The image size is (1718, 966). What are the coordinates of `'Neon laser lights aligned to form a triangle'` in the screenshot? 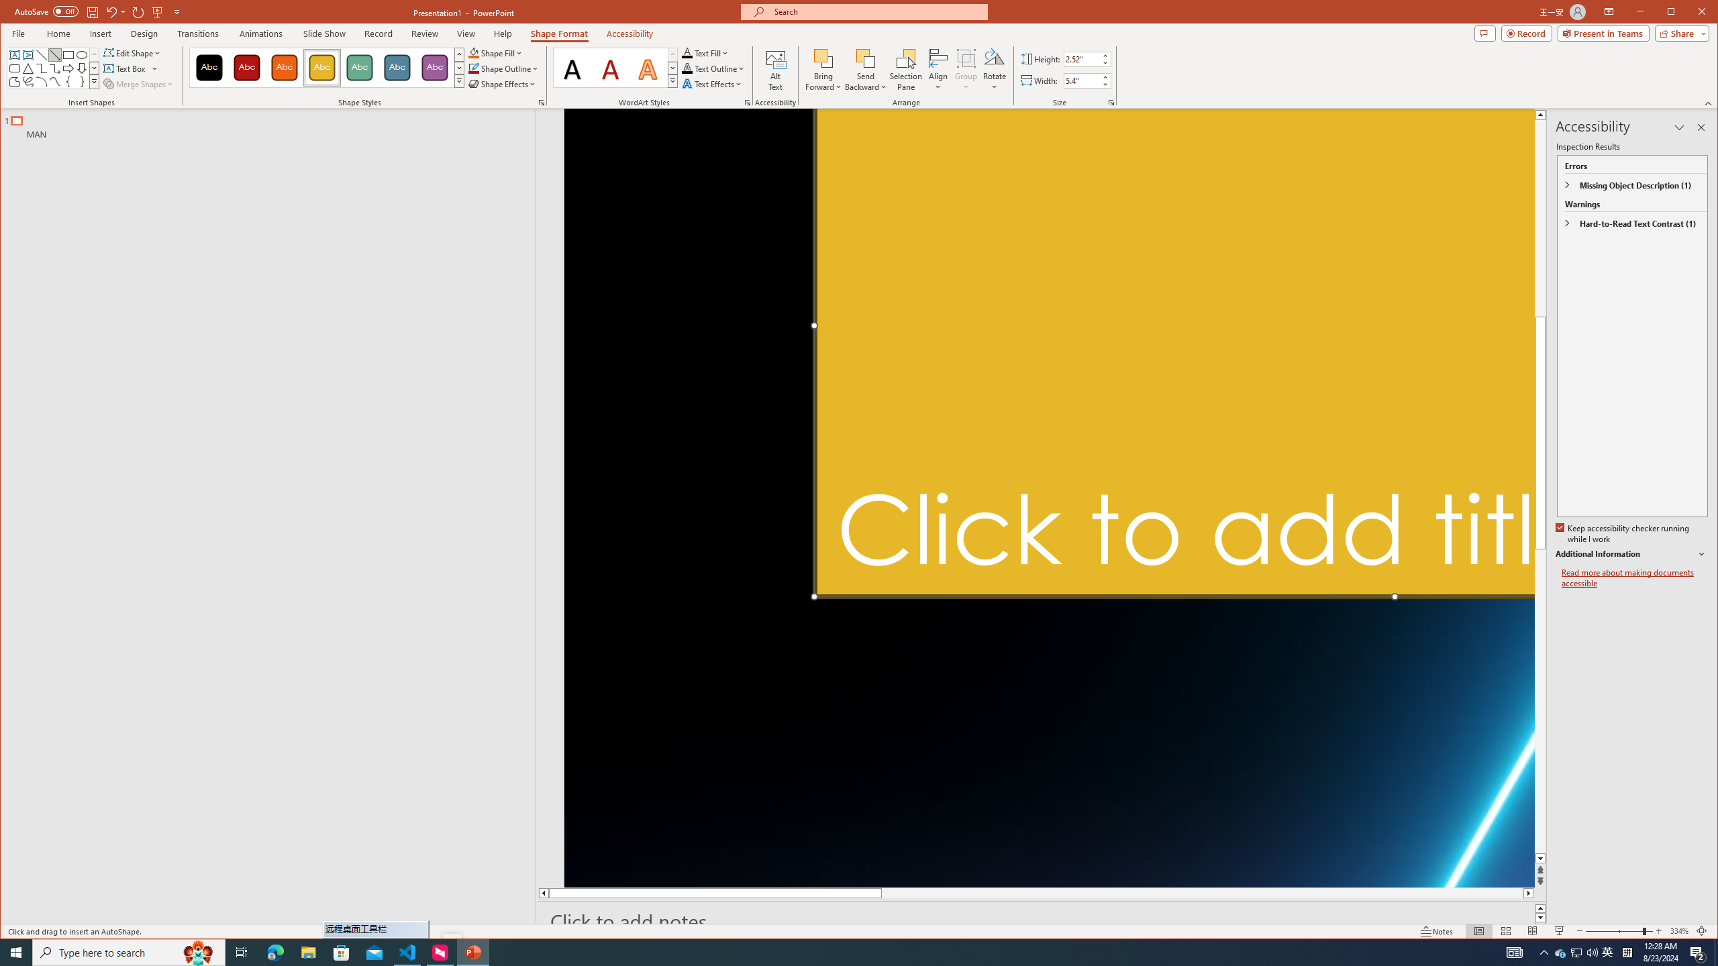 It's located at (1050, 498).